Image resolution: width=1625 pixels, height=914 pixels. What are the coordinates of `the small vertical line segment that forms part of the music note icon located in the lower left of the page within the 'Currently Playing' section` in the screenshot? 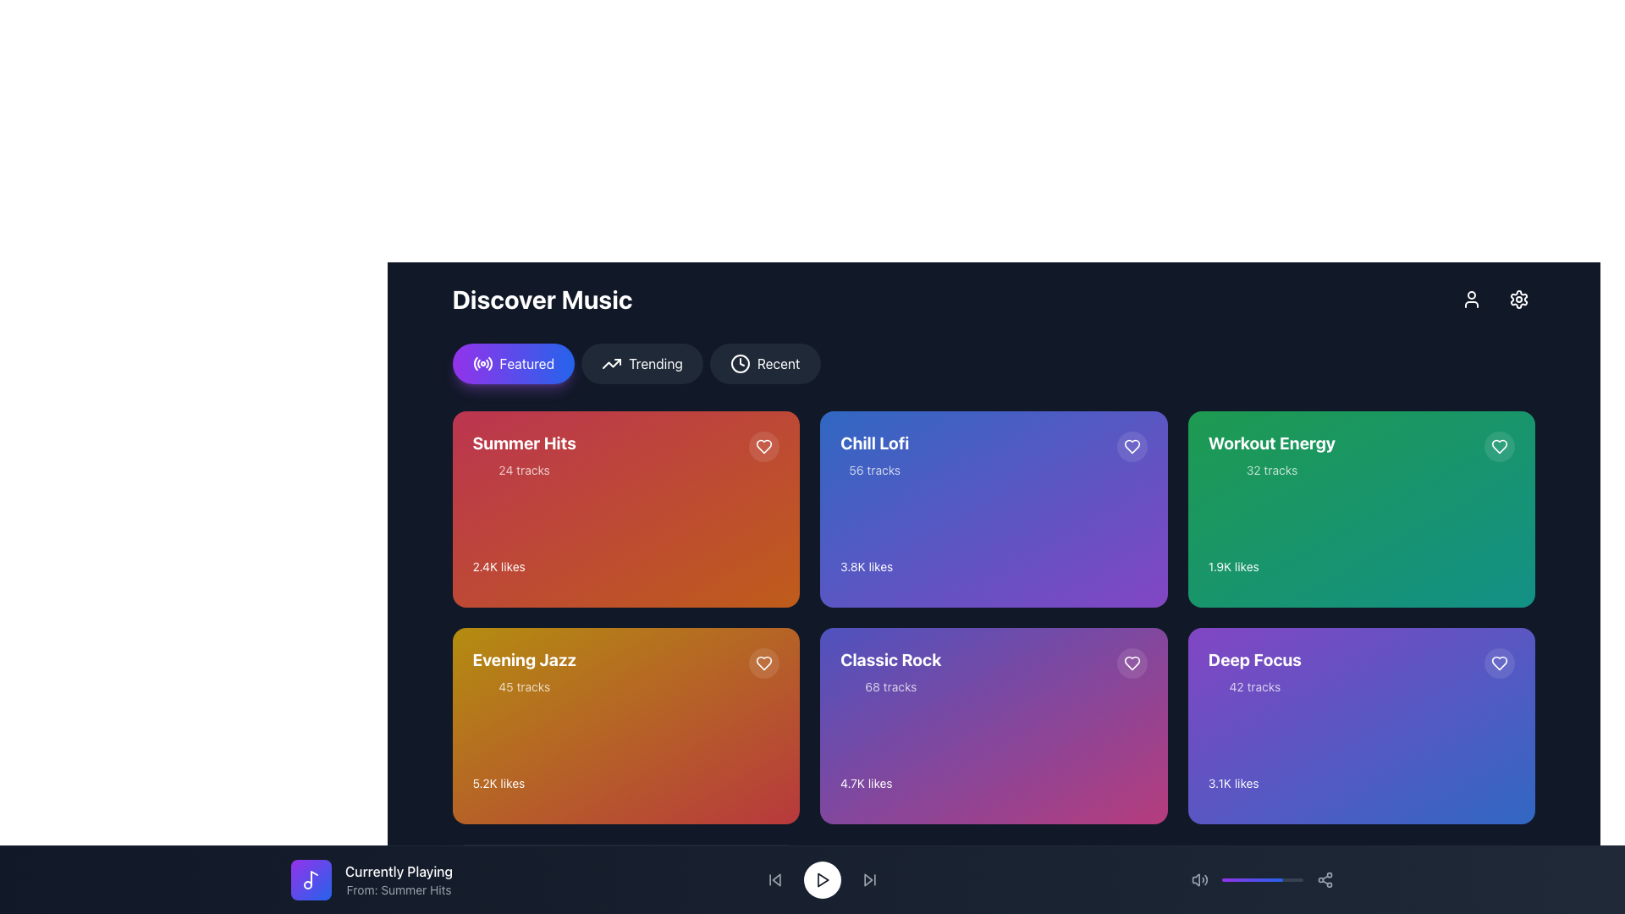 It's located at (314, 877).